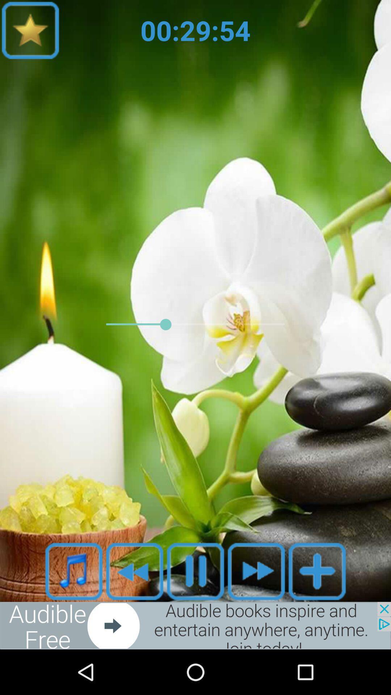  I want to click on pause, so click(195, 571).